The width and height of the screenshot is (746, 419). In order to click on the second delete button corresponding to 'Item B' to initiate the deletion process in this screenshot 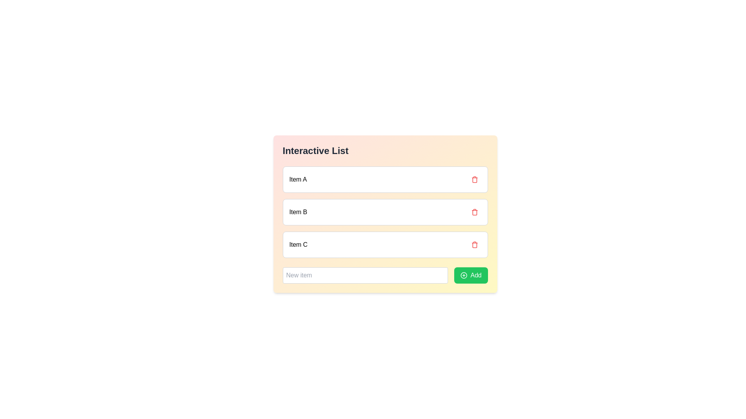, I will do `click(474, 212)`.